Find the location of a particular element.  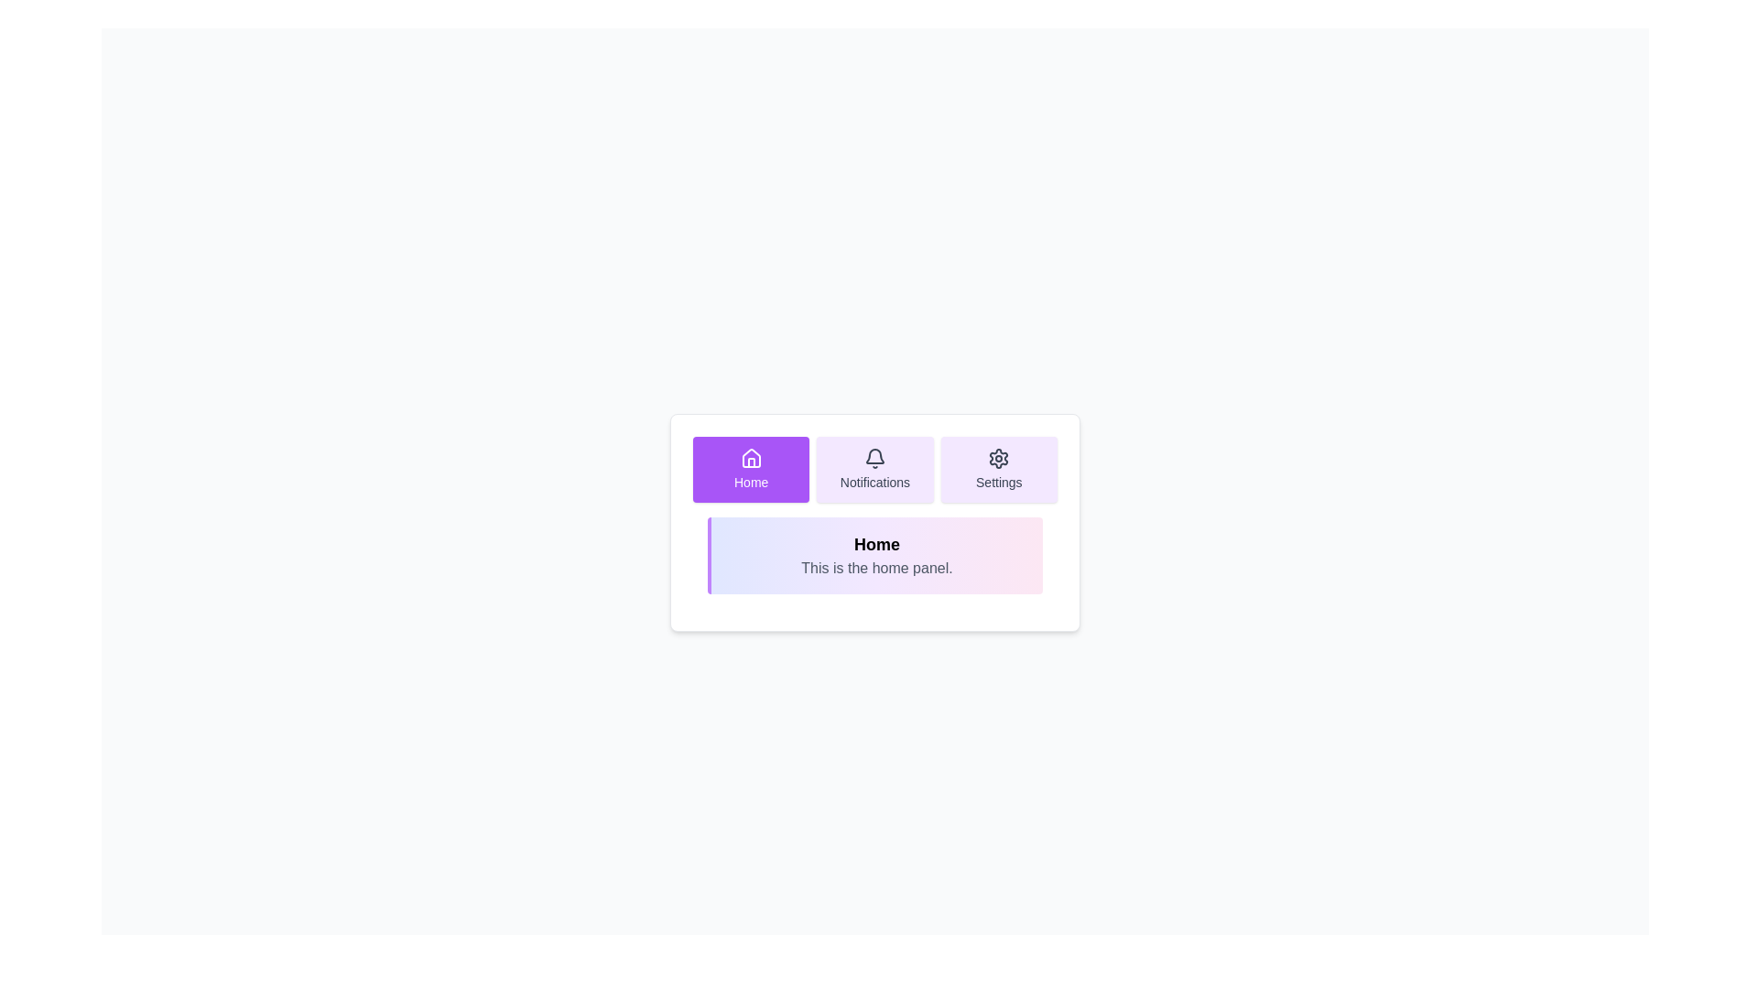

the house icon which contains the door element, represented as a vertical segment within the SVG graphic is located at coordinates (751, 462).